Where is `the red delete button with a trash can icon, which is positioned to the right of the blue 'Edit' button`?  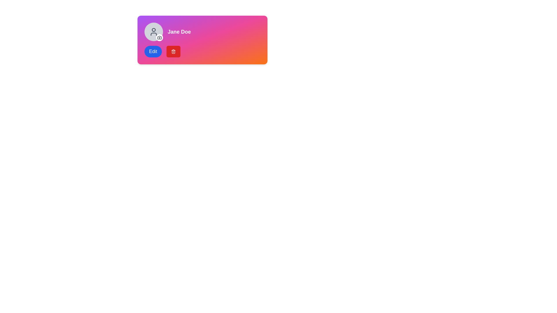
the red delete button with a trash can icon, which is positioned to the right of the blue 'Edit' button is located at coordinates (173, 51).